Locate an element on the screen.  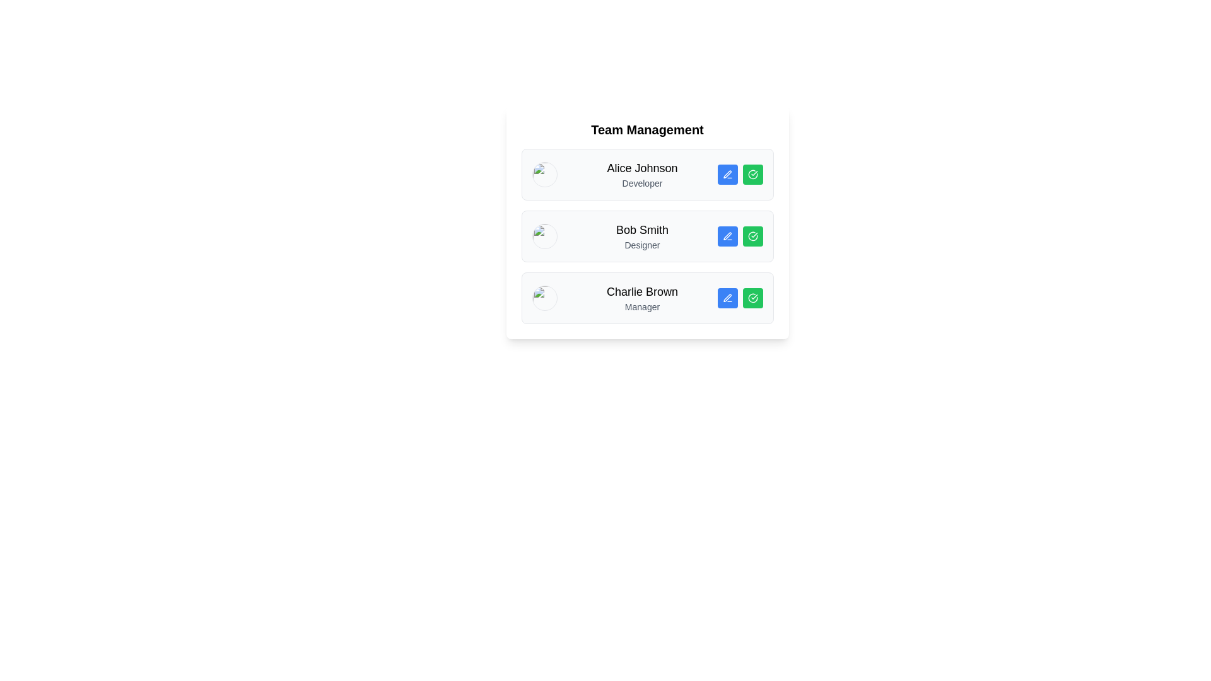
the confirmation icon button located in the first row under the 'Team Management' header, aligned to the right side is located at coordinates (752, 175).